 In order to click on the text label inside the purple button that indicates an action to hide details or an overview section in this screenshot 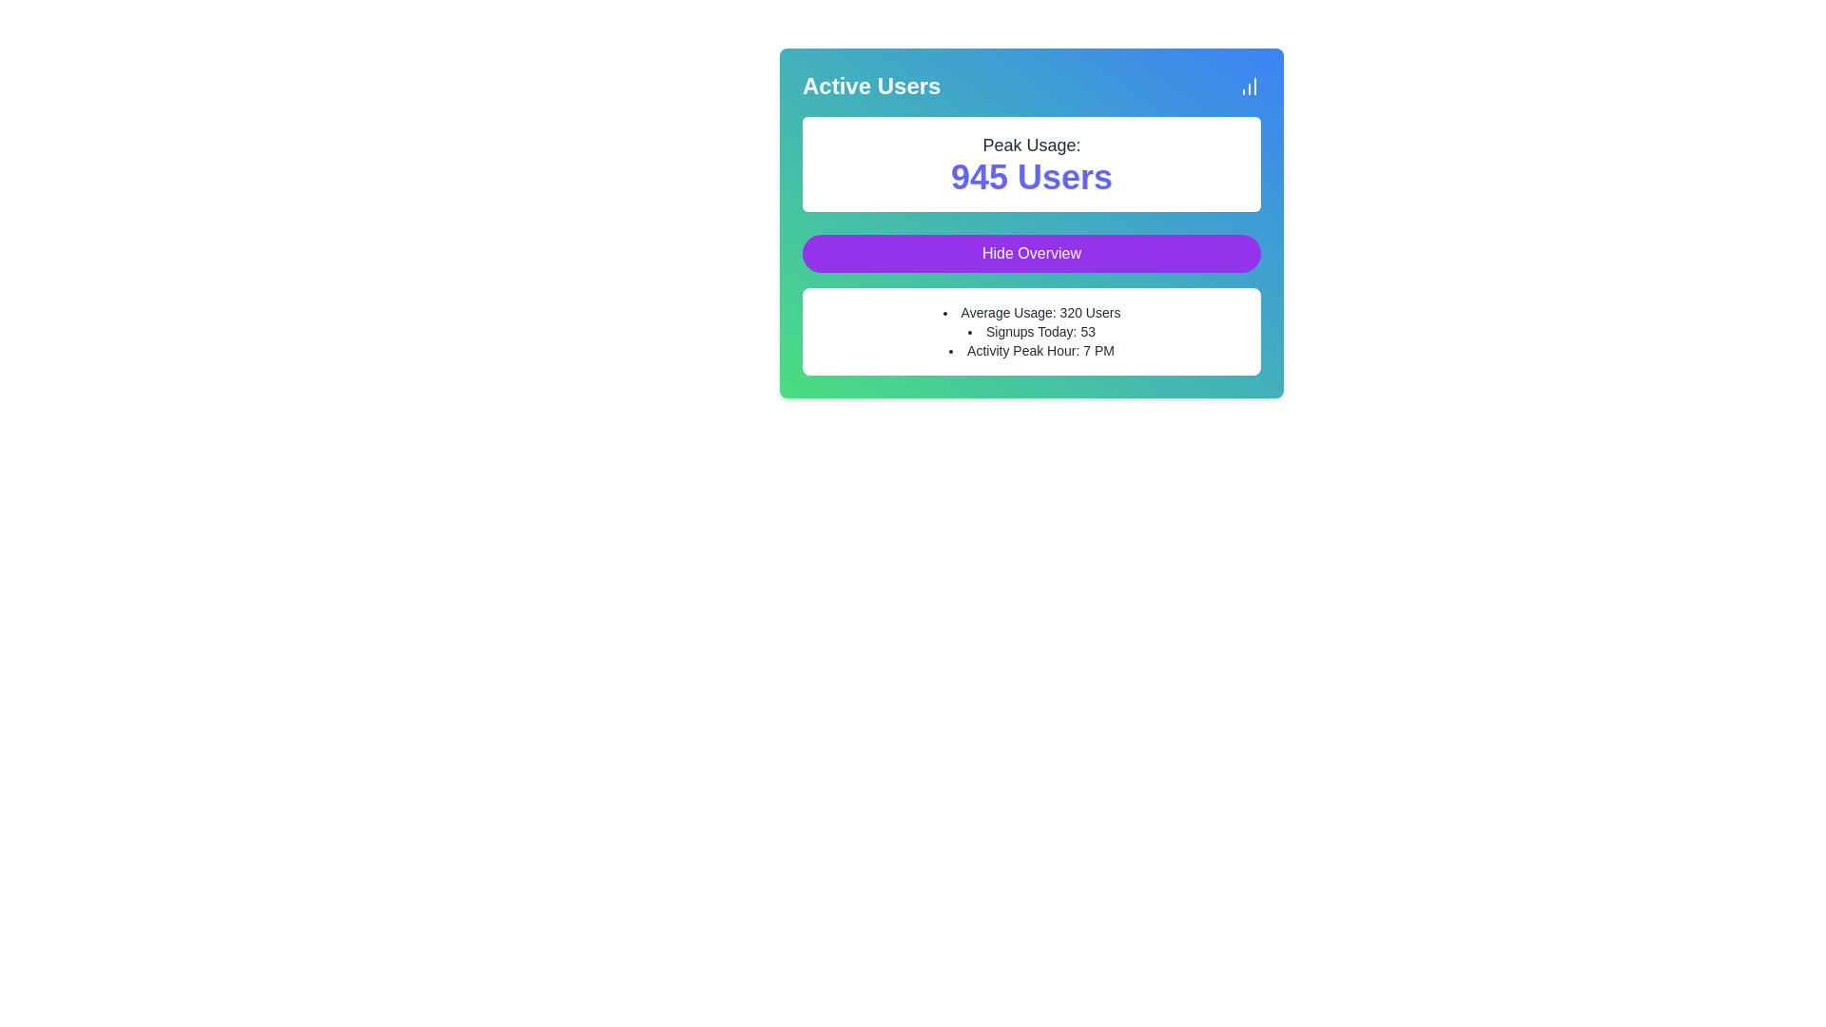, I will do `click(1030, 252)`.